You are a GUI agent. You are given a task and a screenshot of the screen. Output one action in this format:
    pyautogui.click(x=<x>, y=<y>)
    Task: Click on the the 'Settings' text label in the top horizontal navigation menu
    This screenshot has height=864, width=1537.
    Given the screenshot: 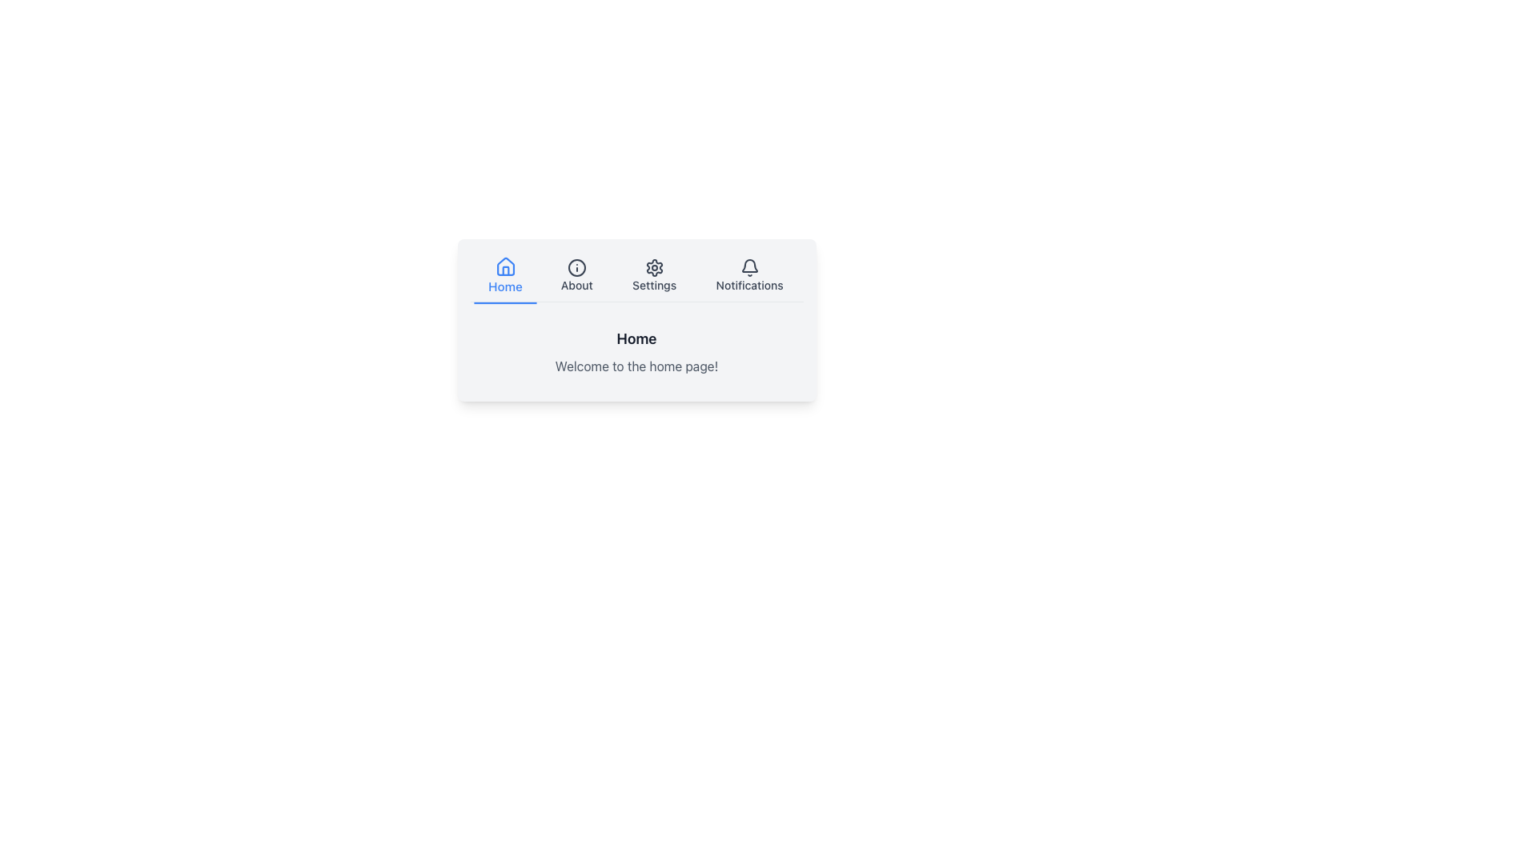 What is the action you would take?
    pyautogui.click(x=654, y=285)
    